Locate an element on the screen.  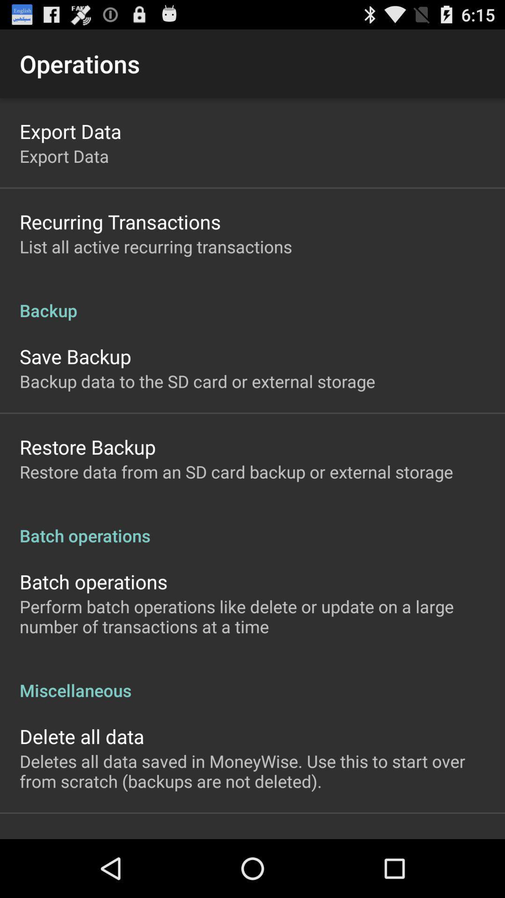
app above the backup data to app is located at coordinates (75, 356).